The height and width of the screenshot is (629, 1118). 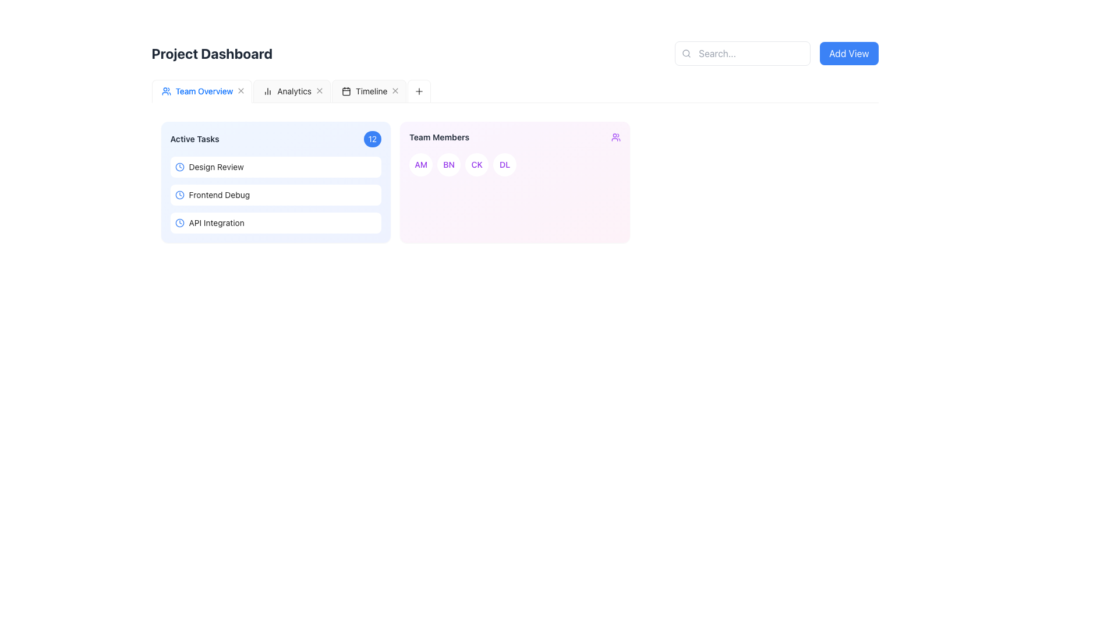 What do you see at coordinates (197, 91) in the screenshot?
I see `the 'Team Overview' tab located at the top-center of the interface, which is the first tab on the left in the tab row` at bounding box center [197, 91].